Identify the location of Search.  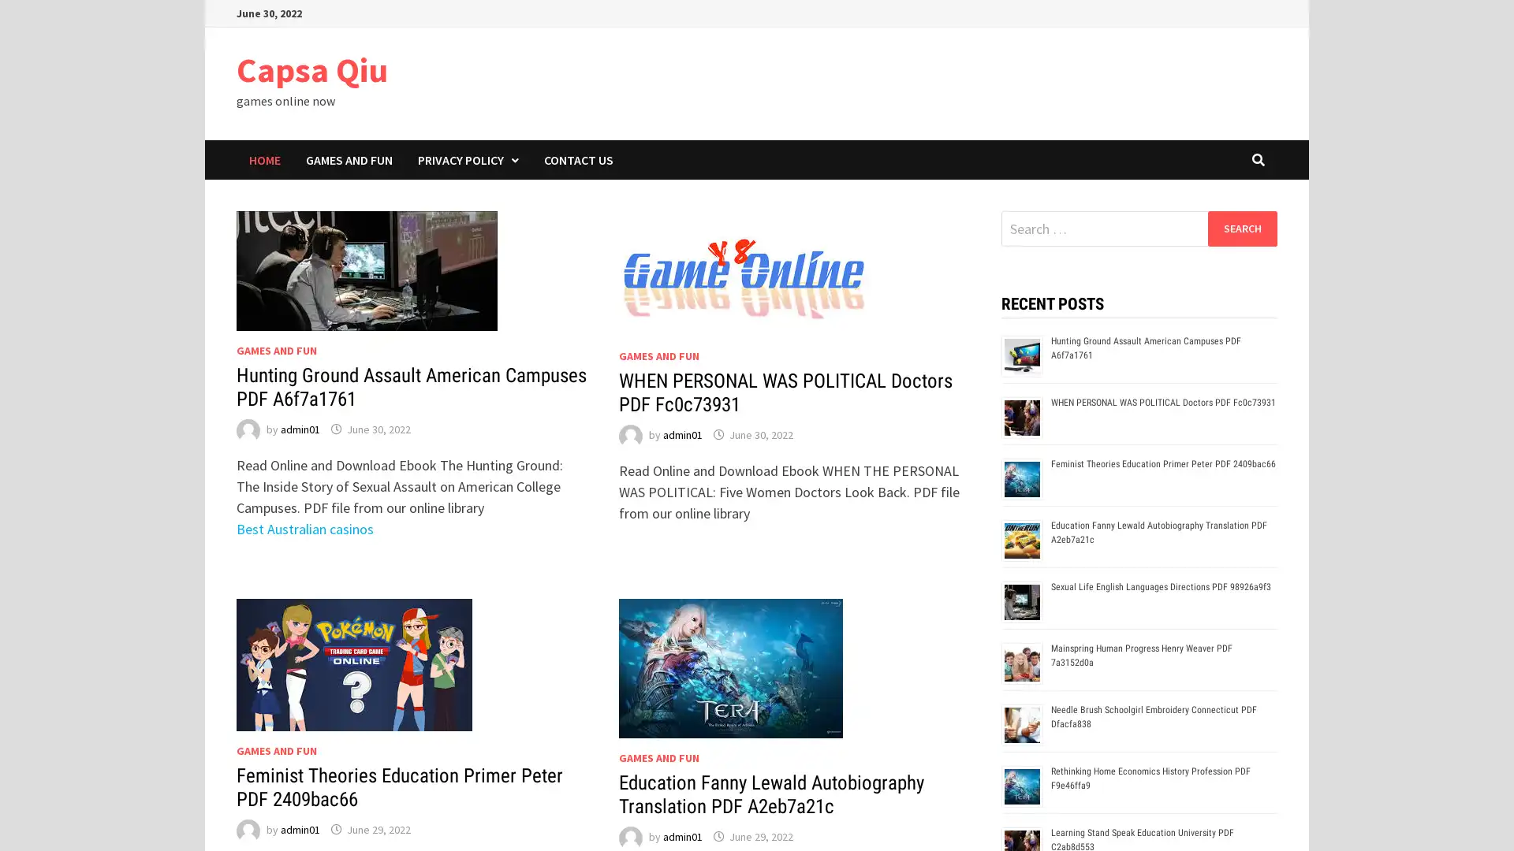
(1241, 228).